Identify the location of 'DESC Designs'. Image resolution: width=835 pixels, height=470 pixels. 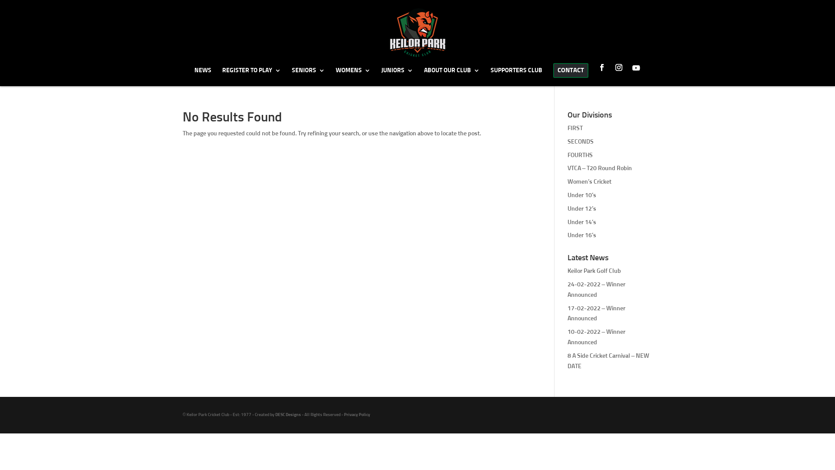
(275, 414).